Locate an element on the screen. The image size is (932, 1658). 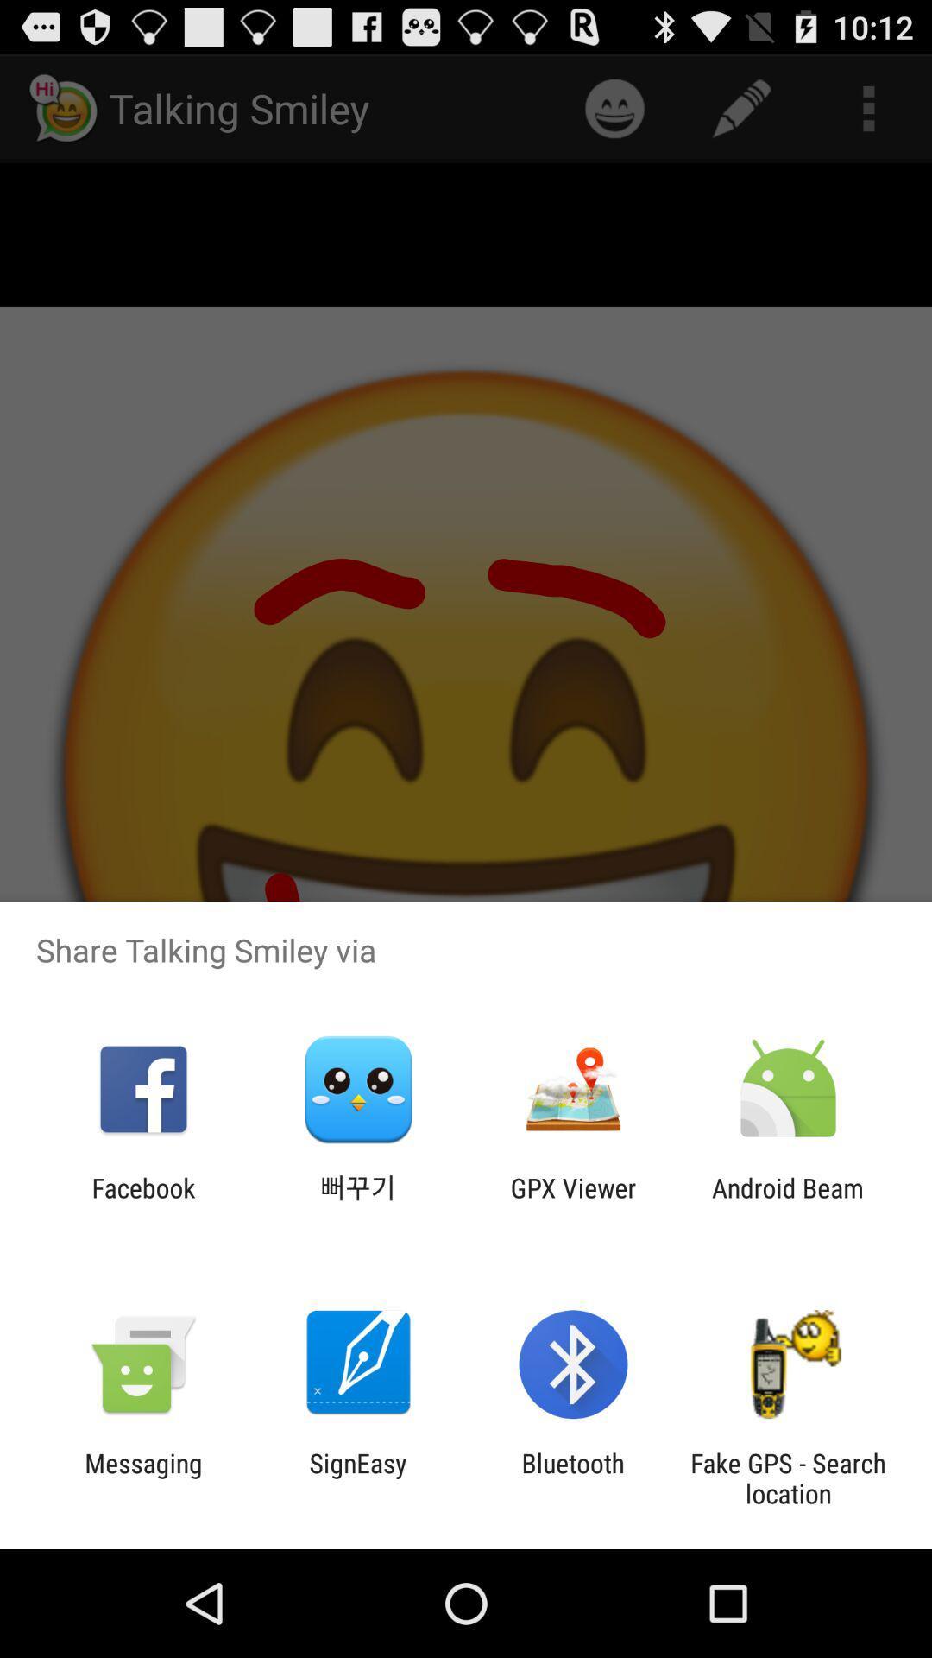
the app to the left of gpx viewer app is located at coordinates (357, 1202).